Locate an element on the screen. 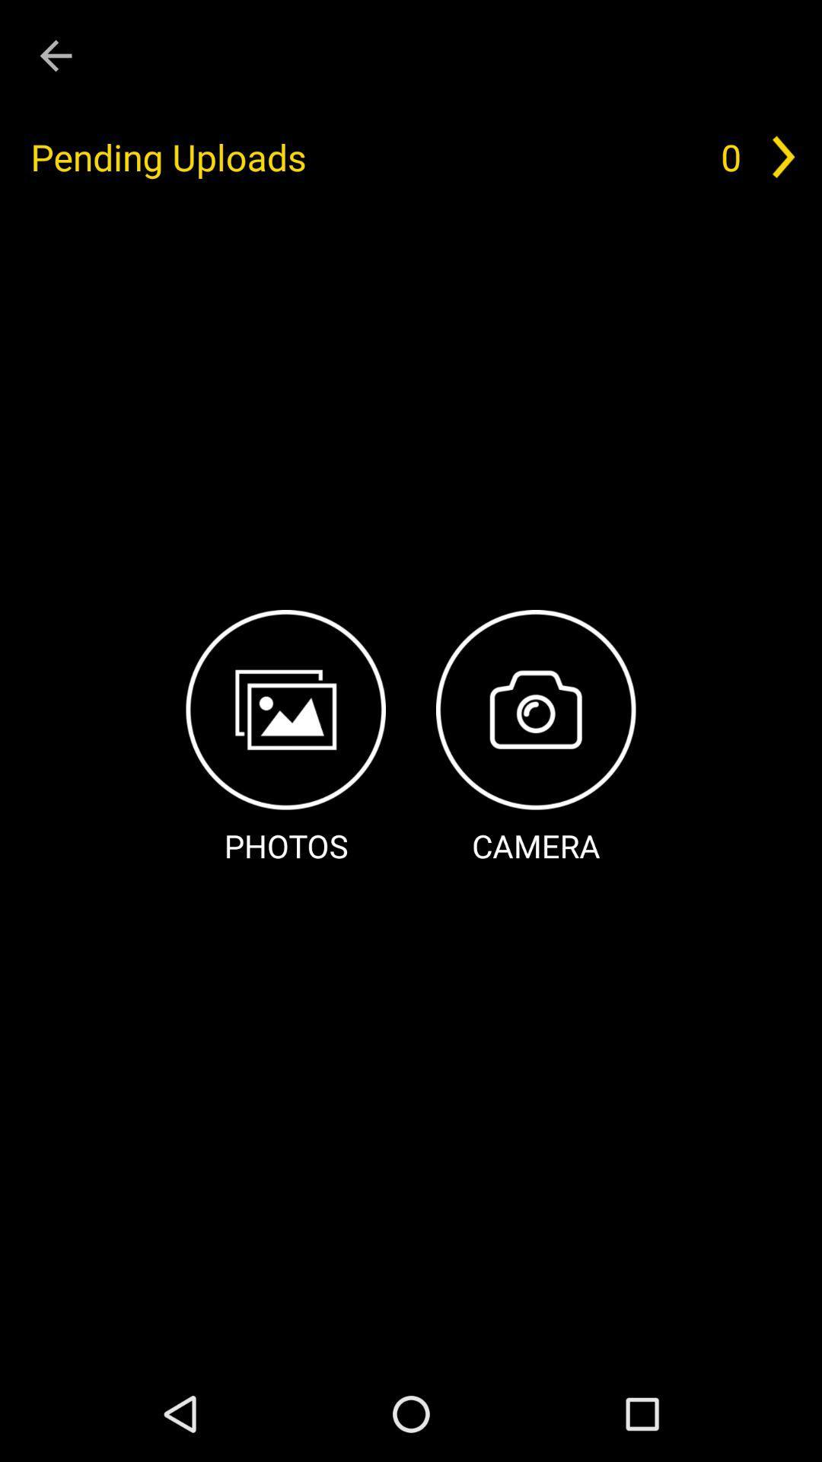  the camera icon is located at coordinates (535, 739).